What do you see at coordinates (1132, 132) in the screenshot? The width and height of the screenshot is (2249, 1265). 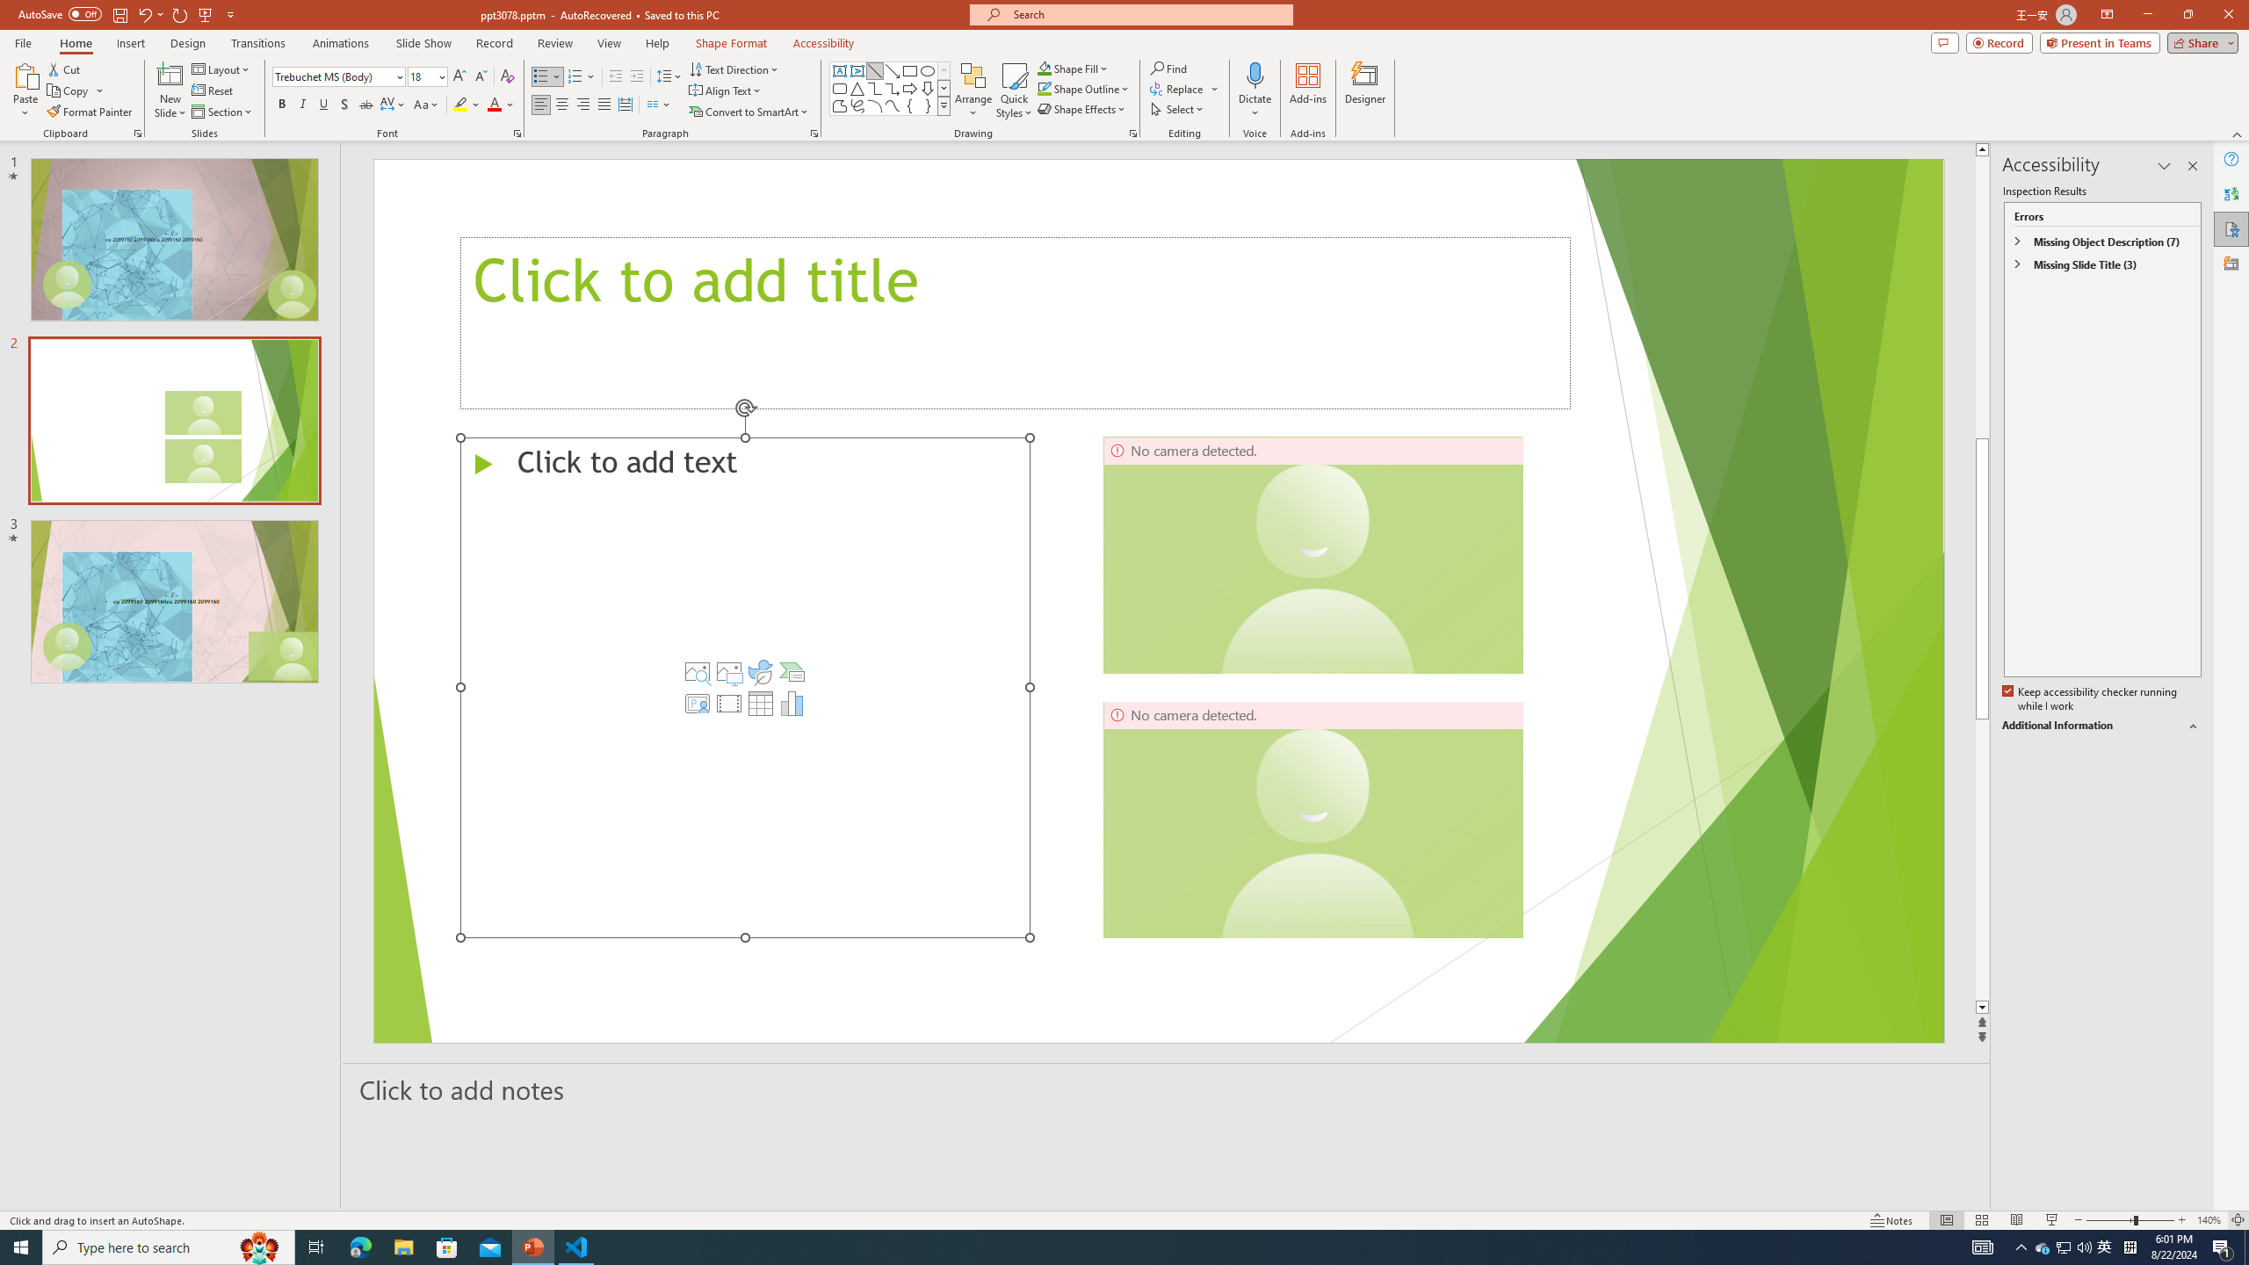 I see `'Format Object...'` at bounding box center [1132, 132].